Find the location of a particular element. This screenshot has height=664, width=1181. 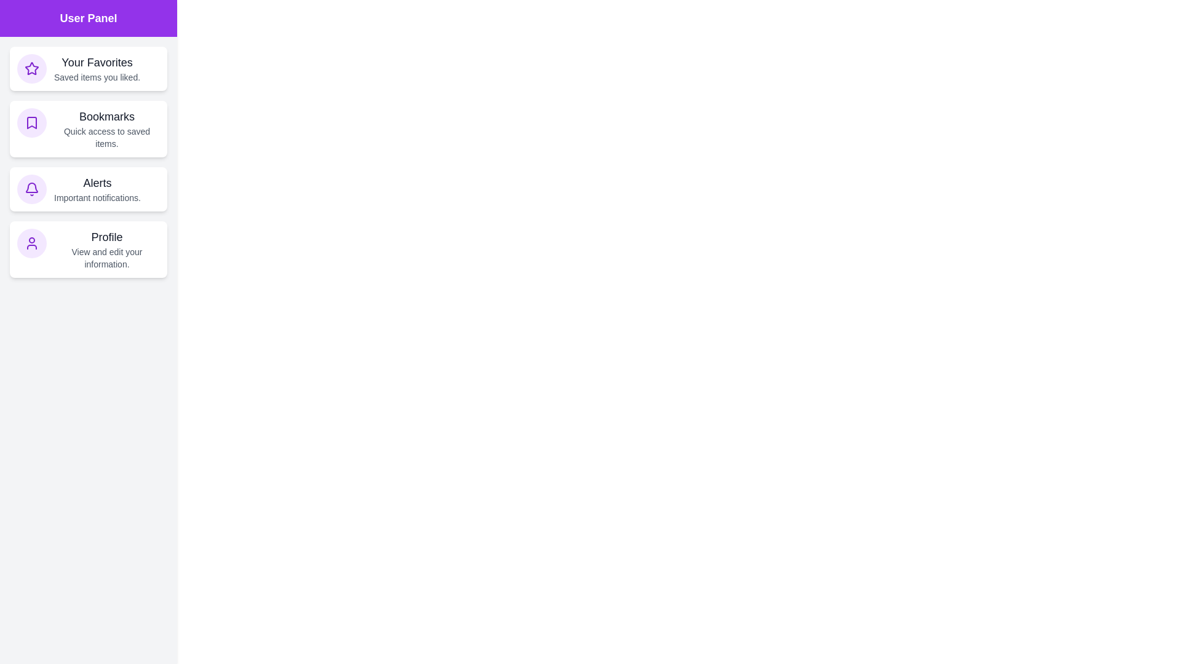

button in the top-left corner to toggle the drawer visibility is located at coordinates (24, 24).